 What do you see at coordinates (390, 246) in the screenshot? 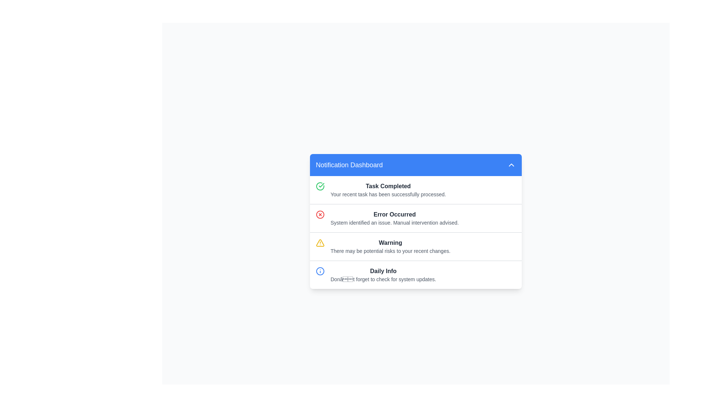
I see `warning message displayed in the notification dashboard, which alerts users about potential risks related to their recent changes. This warning notification is positioned below the 'Error Occurred' message and above the 'Daily Info' message` at bounding box center [390, 246].